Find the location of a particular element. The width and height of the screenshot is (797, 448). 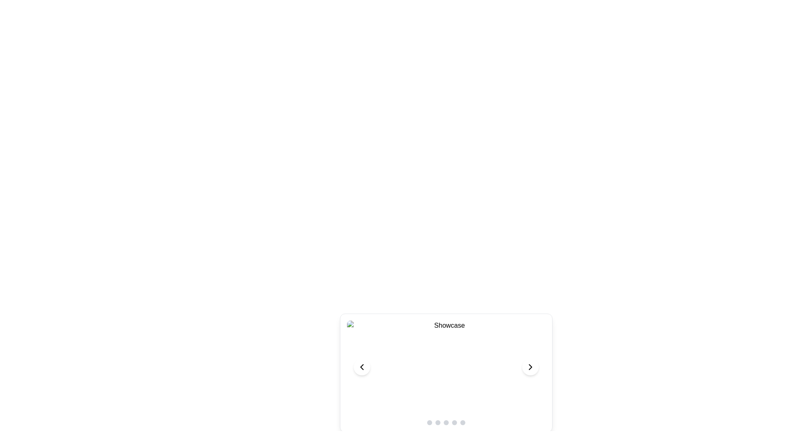

the first circular indicator dot in the navigation group below the 'Showcase' slideshow is located at coordinates (430, 422).